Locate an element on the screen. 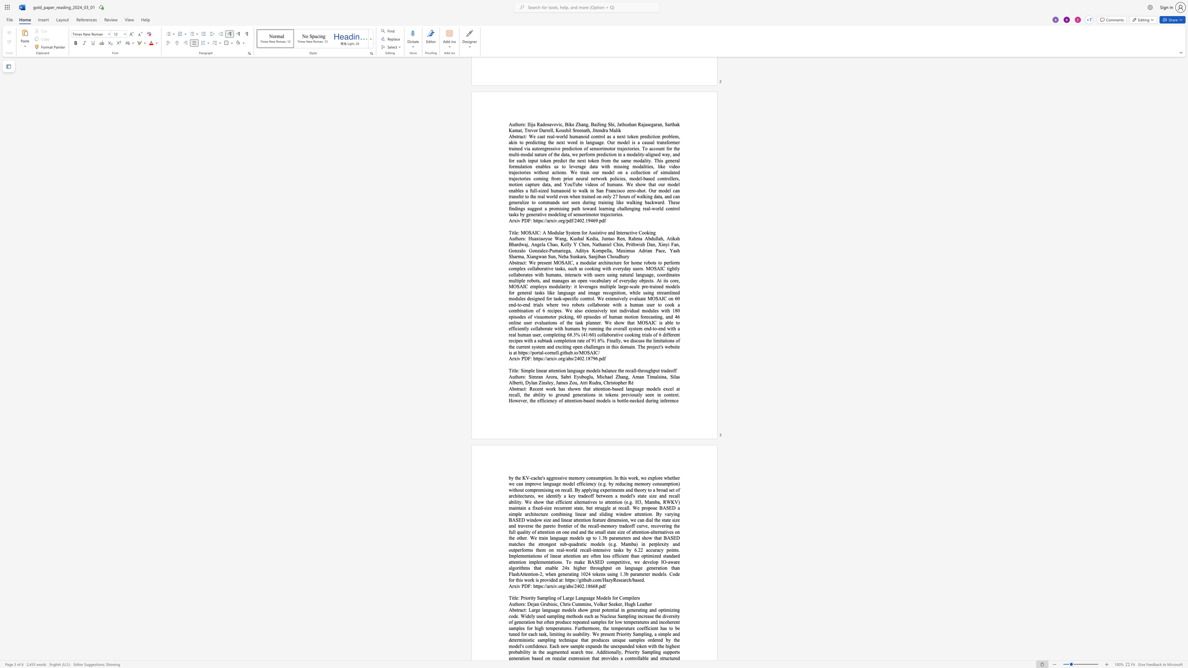  the space between the continuous character "r" and "x" in the text is located at coordinates (514, 586).